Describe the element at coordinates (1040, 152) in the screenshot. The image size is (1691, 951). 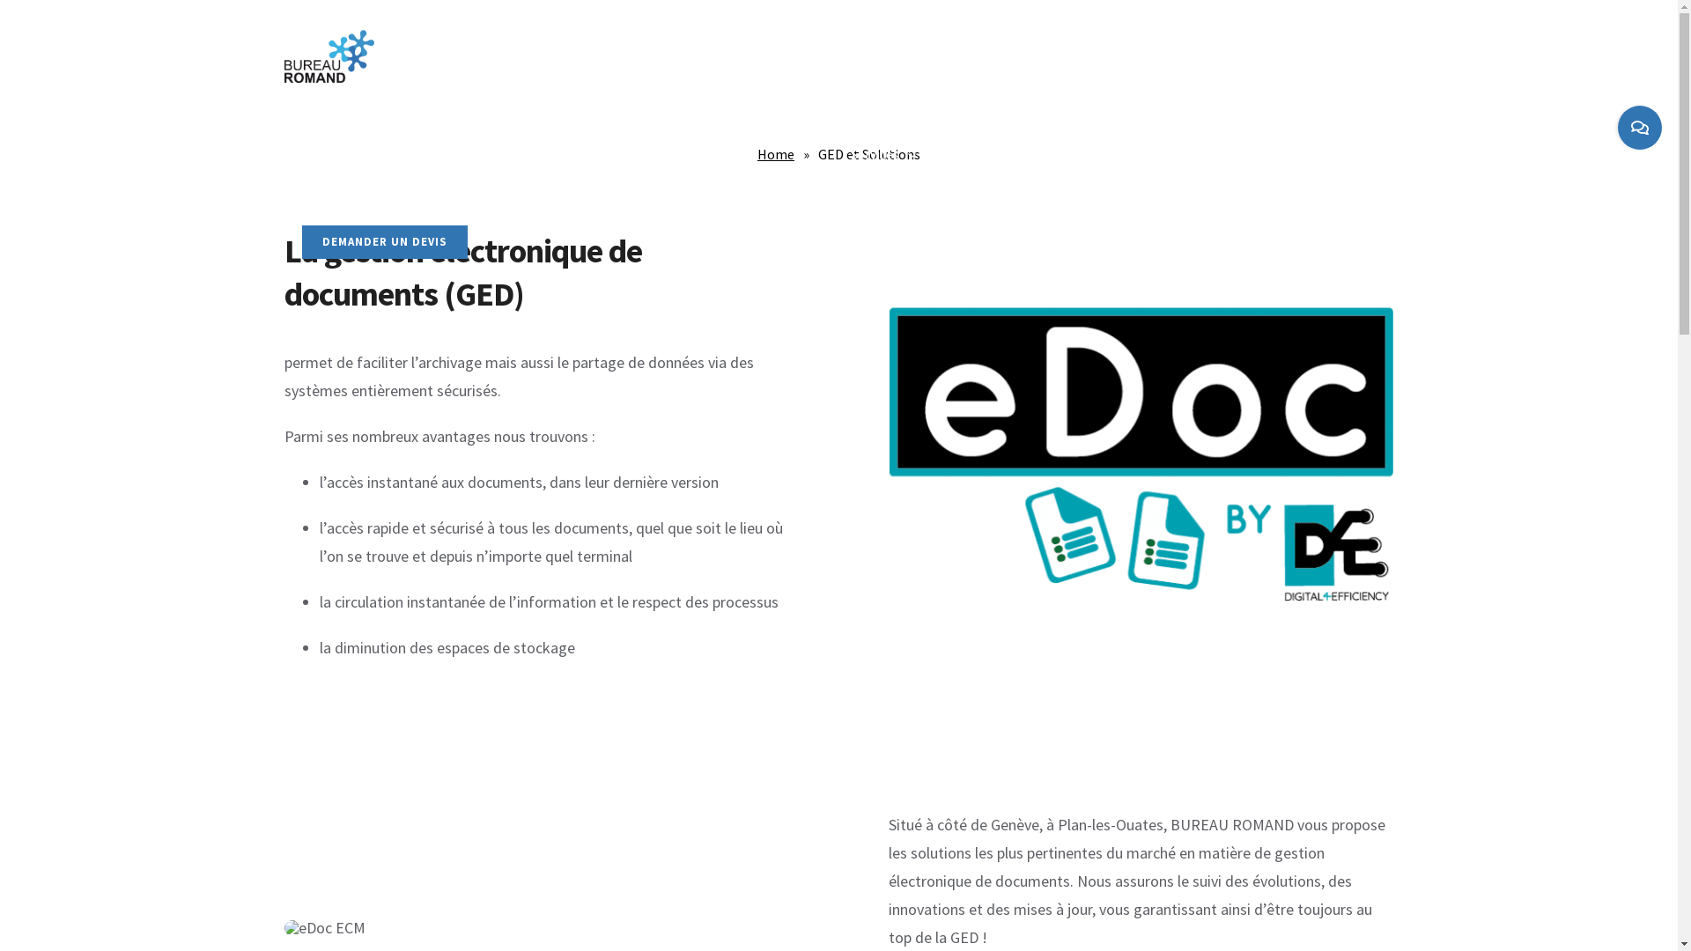
I see `'Contact'` at that location.